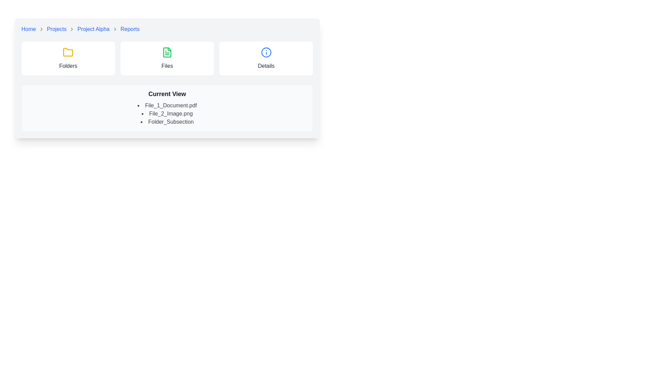 The width and height of the screenshot is (654, 368). Describe the element at coordinates (167, 58) in the screenshot. I see `the Interactive card labeled 'Files', which is a rectangular card with a white background and a green file icon at the top` at that location.